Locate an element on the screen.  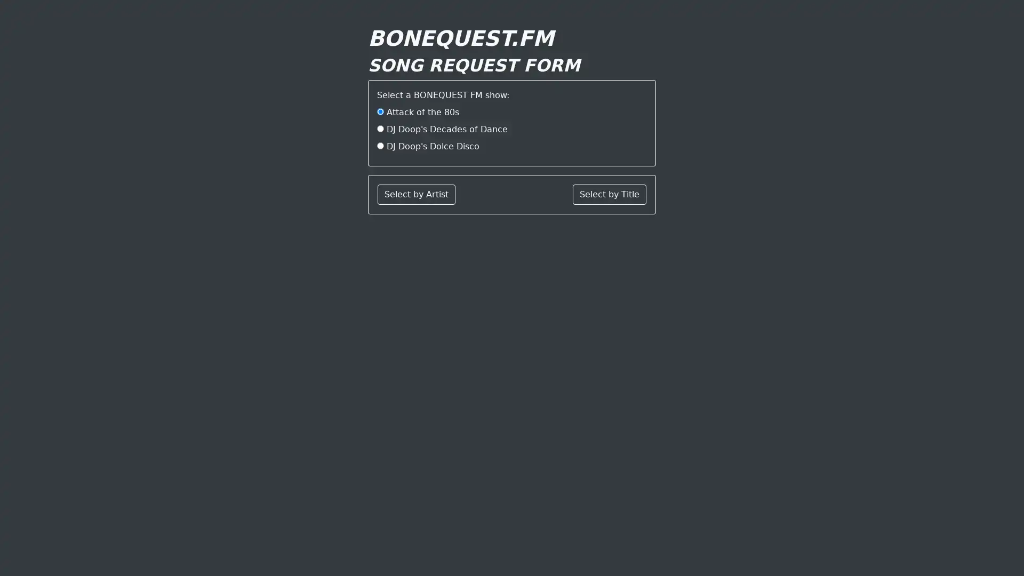
Select by Title is located at coordinates (609, 195).